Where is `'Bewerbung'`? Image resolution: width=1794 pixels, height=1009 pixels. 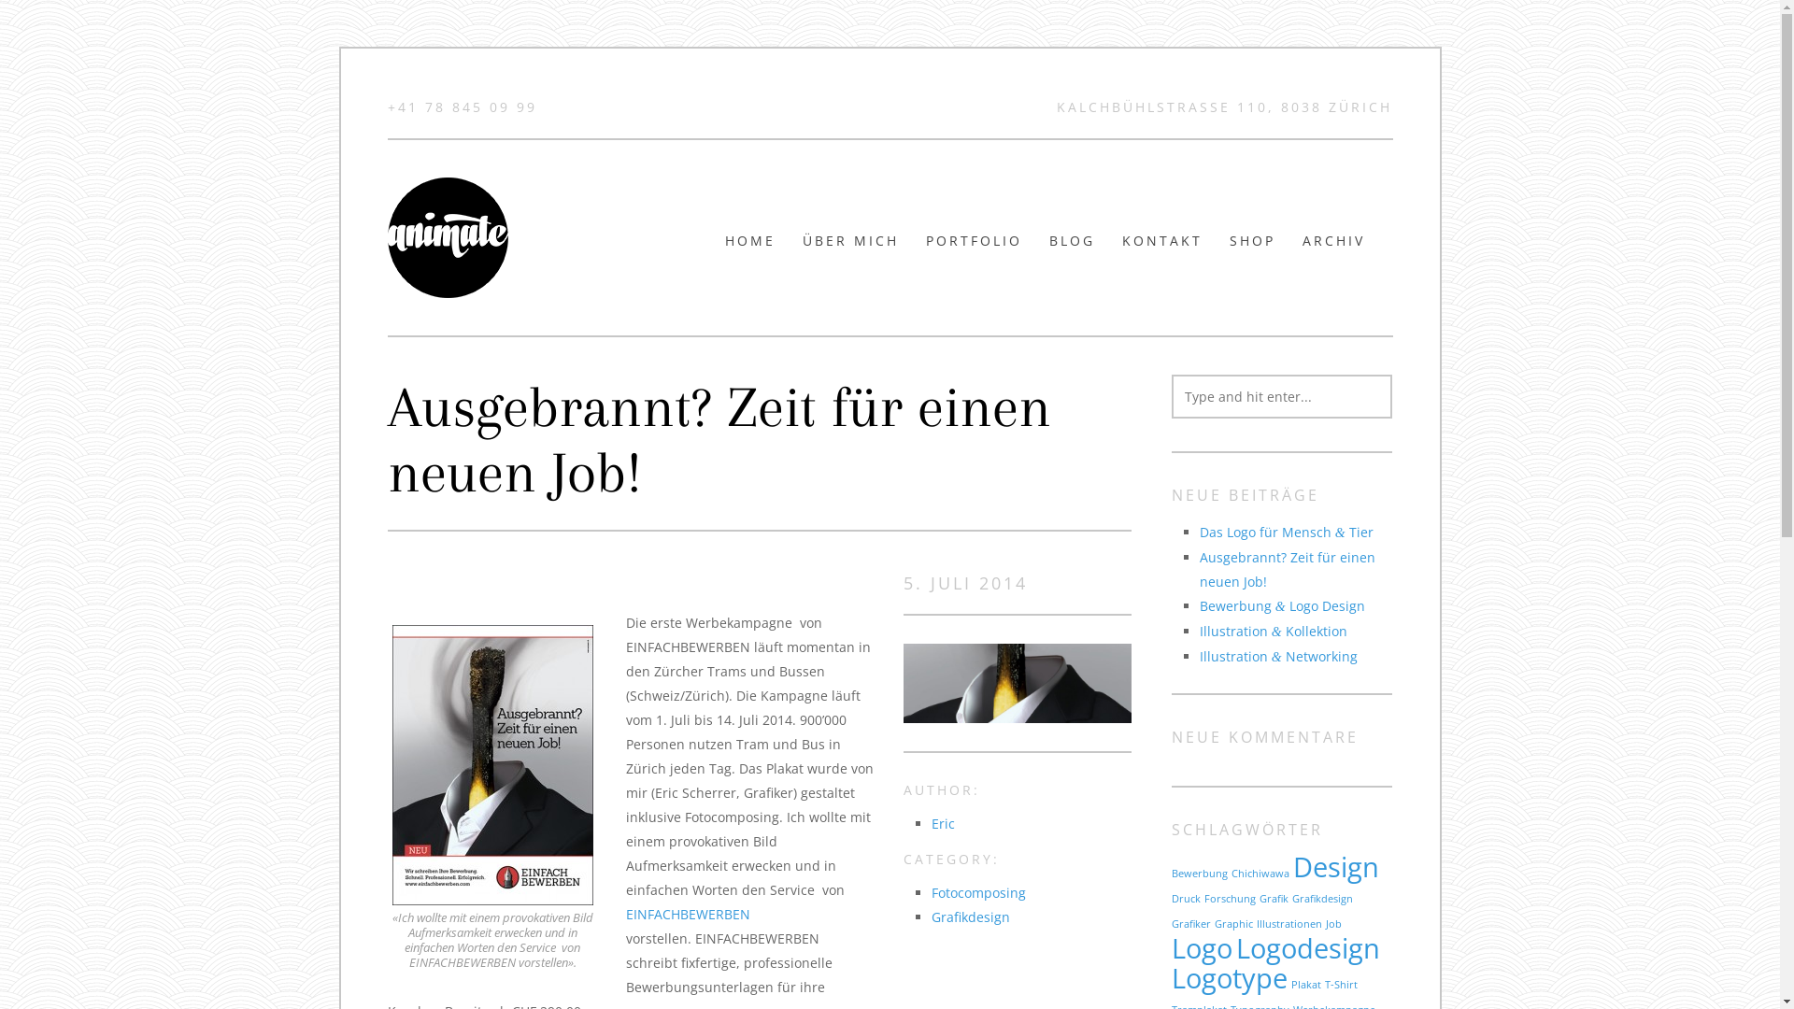 'Bewerbung' is located at coordinates (1199, 873).